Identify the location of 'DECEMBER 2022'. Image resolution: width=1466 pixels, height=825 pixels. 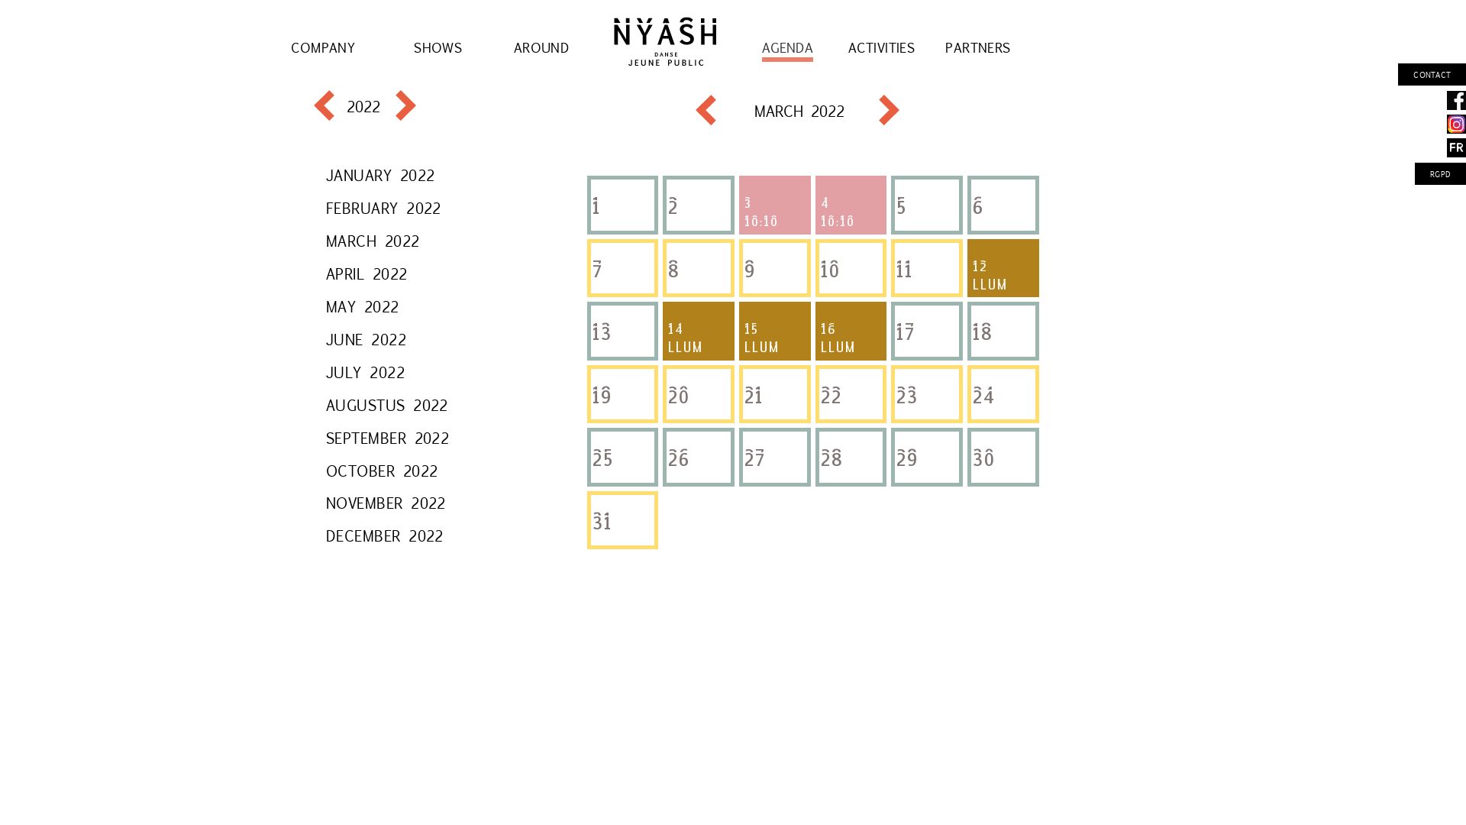
(385, 534).